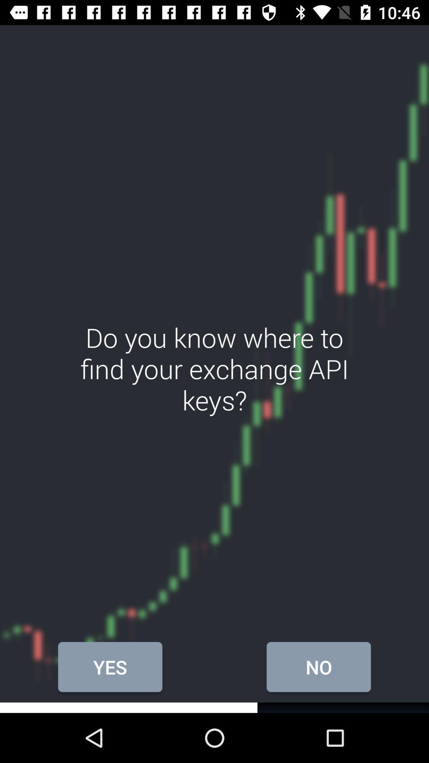 Image resolution: width=429 pixels, height=763 pixels. I want to click on the icon below do you know, so click(318, 667).